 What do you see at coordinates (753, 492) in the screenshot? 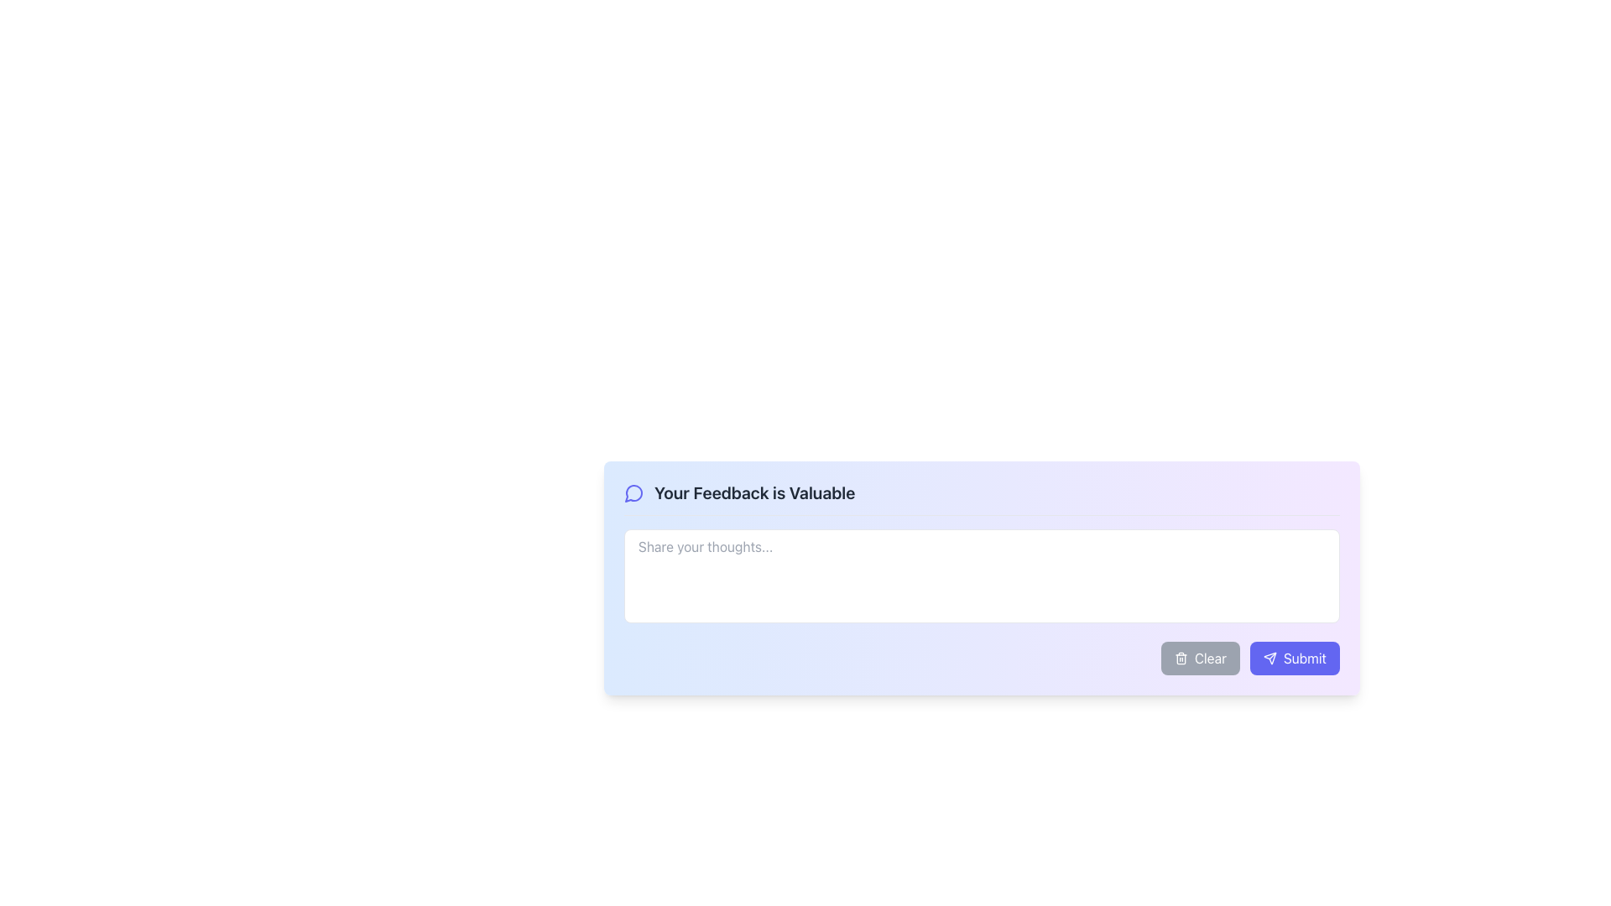
I see `the text label that serves as a title or heading for the feedback section, positioned above the text input field labeled 'Share your thoughts...'` at bounding box center [753, 492].